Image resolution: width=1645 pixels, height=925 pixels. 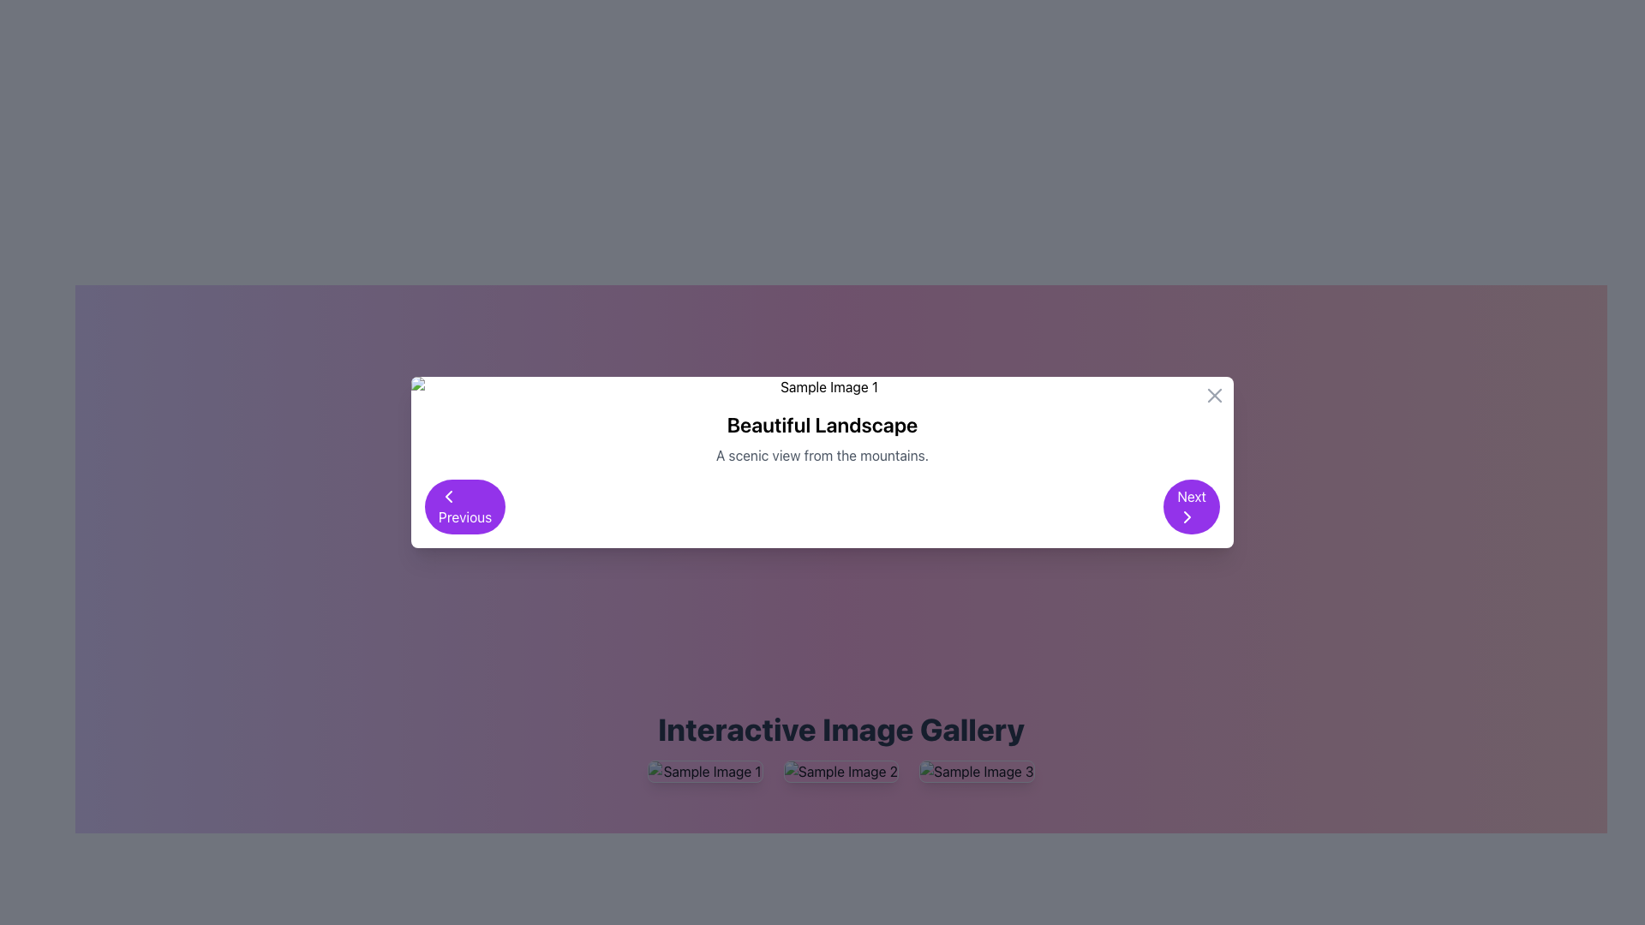 I want to click on the third image in the Interactive Image Gallery for navigation or interaction, so click(x=977, y=772).